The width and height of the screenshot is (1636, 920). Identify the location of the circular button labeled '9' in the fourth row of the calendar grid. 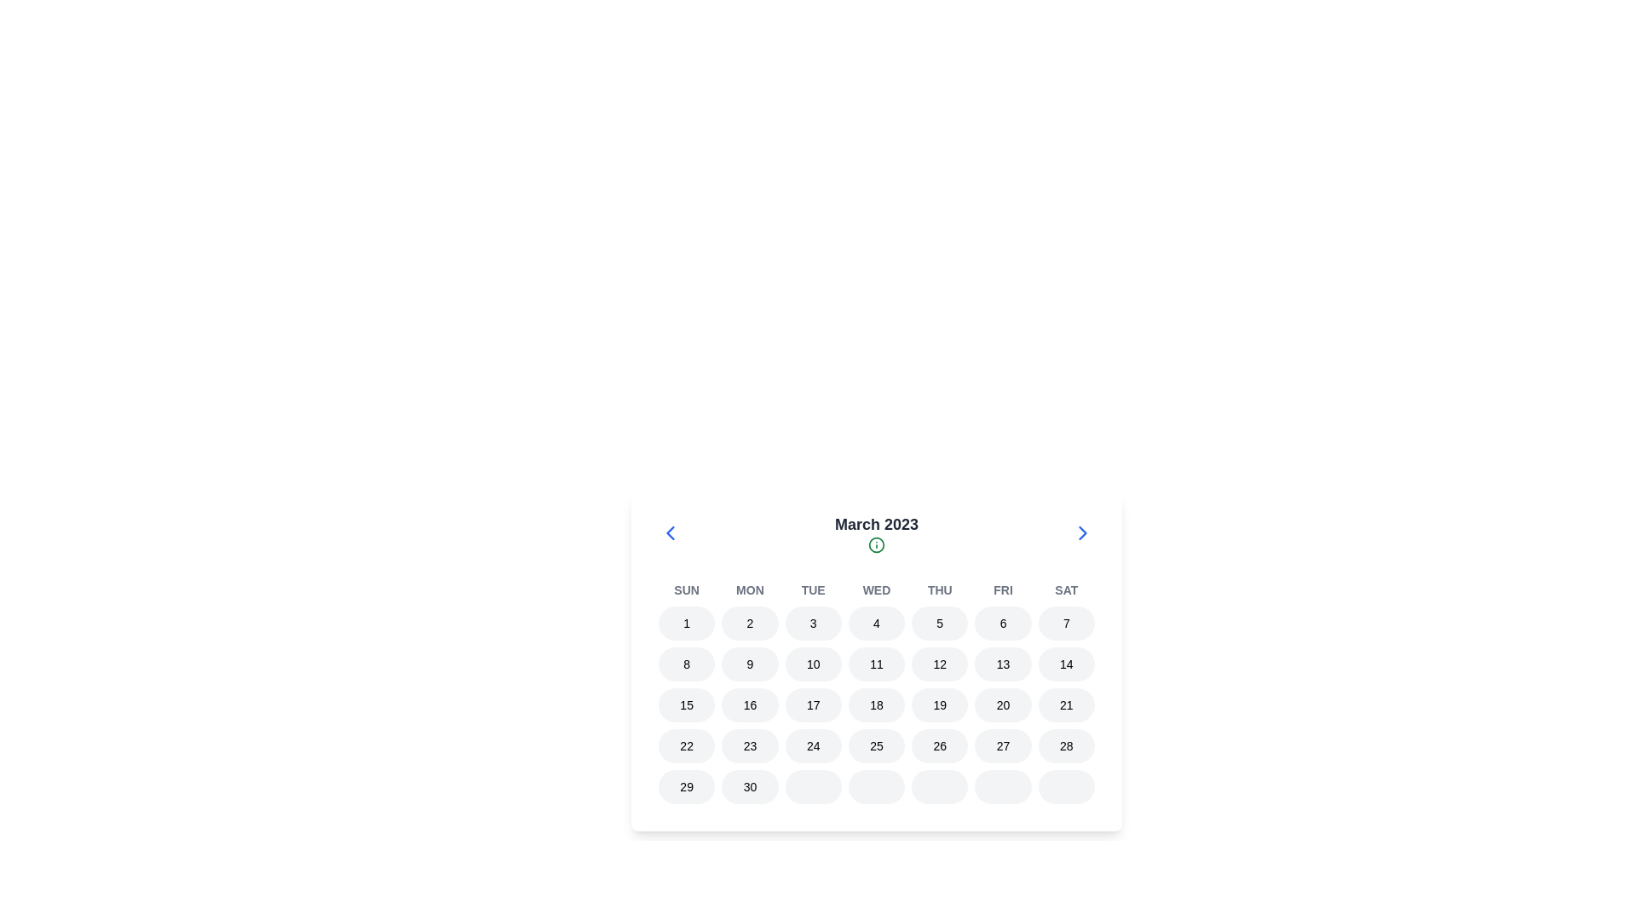
(750, 663).